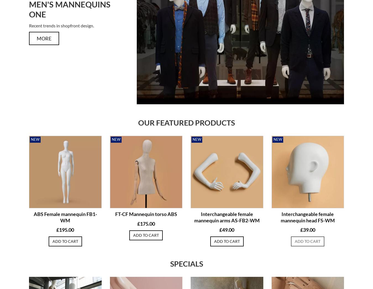 This screenshot has width=373, height=289. Describe the element at coordinates (307, 217) in the screenshot. I see `'Interchangeable female mannequin head FS-WM'` at that location.